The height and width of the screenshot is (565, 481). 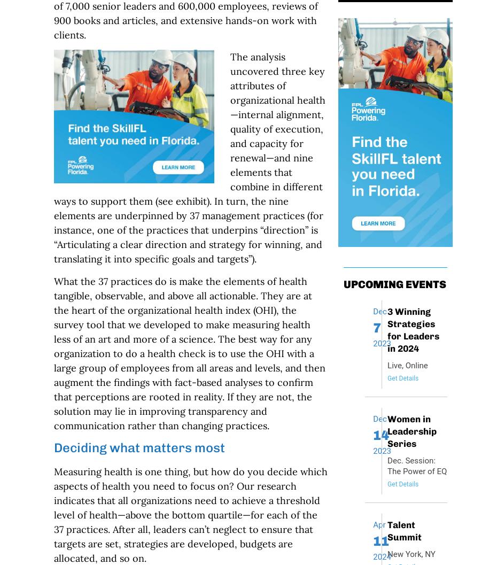 I want to click on 'Talent Summit', so click(x=404, y=530).